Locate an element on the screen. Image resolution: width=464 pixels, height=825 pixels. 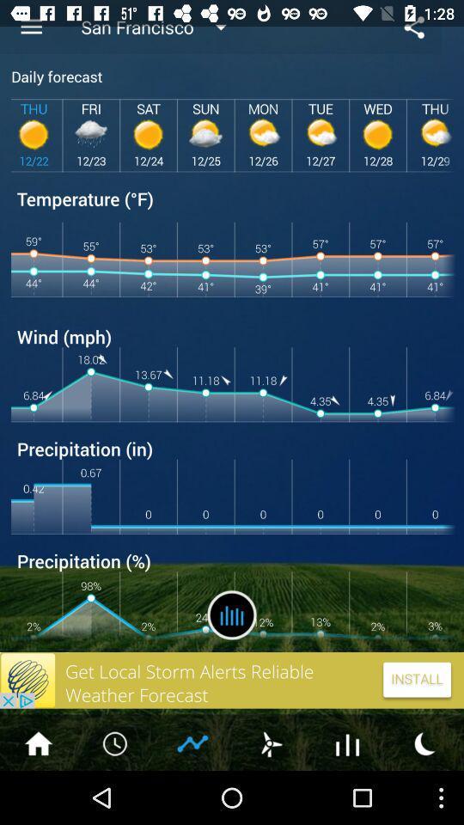
the home icon is located at coordinates (38, 795).